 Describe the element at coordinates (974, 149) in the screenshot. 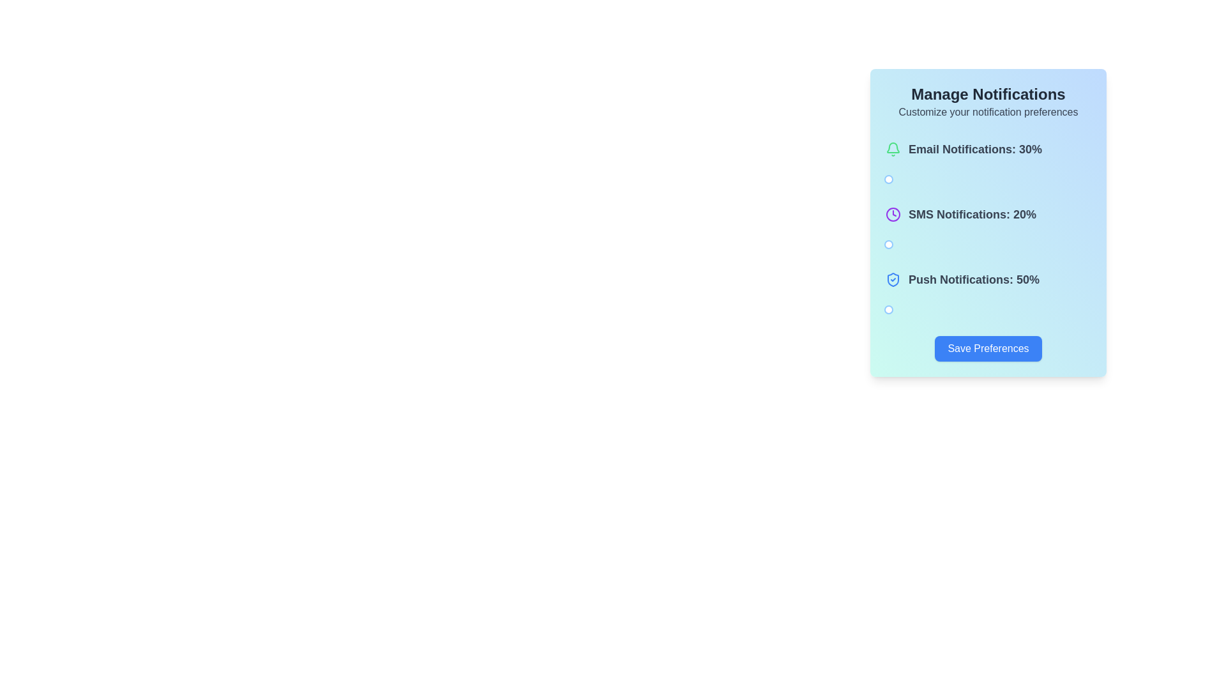

I see `the email notification preference text label, which indicates the email notification setting and is positioned at the top of the notification preferences list` at that location.